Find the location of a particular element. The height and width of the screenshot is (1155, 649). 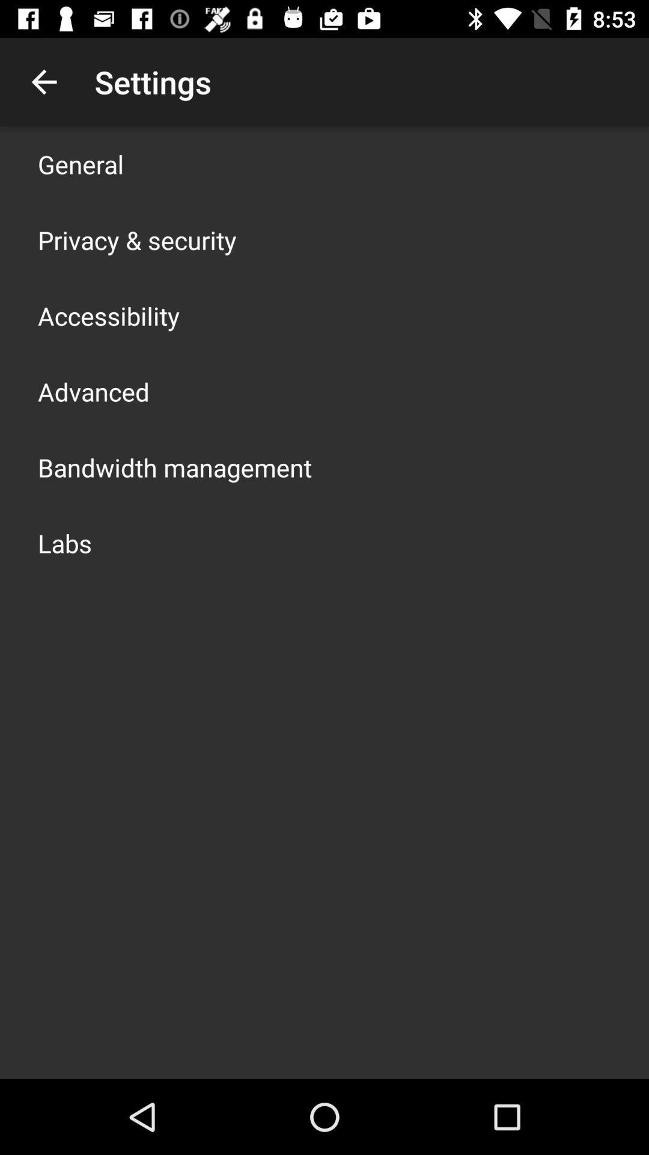

icon next to the settings app is located at coordinates (43, 81).